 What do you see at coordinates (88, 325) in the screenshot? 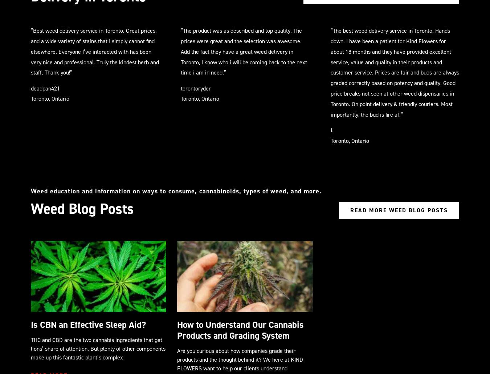
I see `'Is CBN an Effective Sleep Aid?'` at bounding box center [88, 325].